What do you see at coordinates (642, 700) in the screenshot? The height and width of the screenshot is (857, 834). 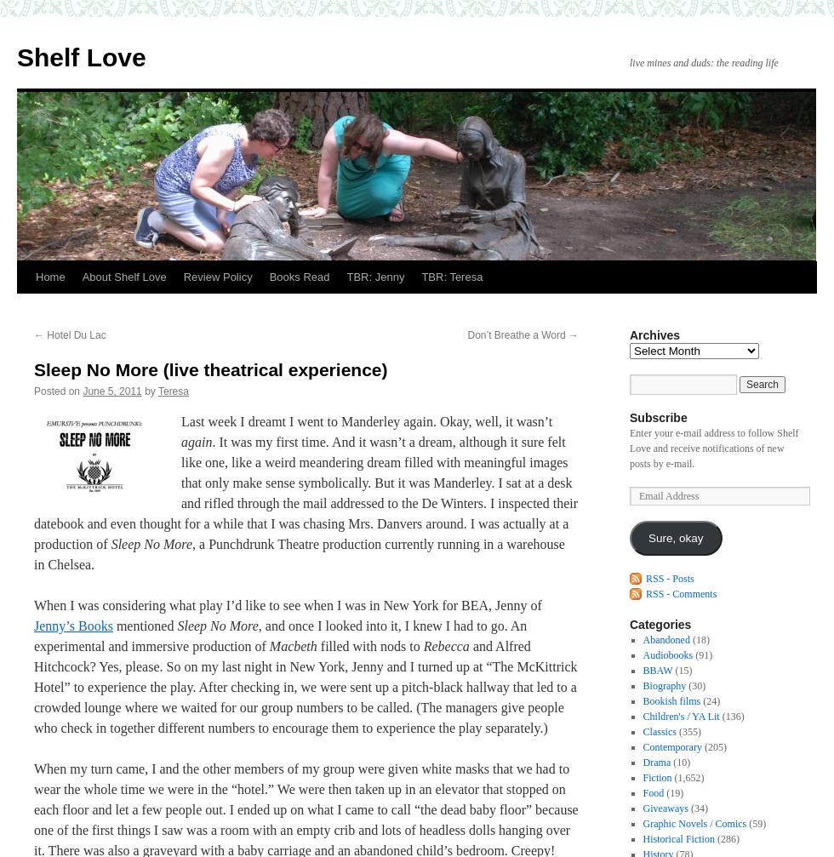 I see `'Bookish films'` at bounding box center [642, 700].